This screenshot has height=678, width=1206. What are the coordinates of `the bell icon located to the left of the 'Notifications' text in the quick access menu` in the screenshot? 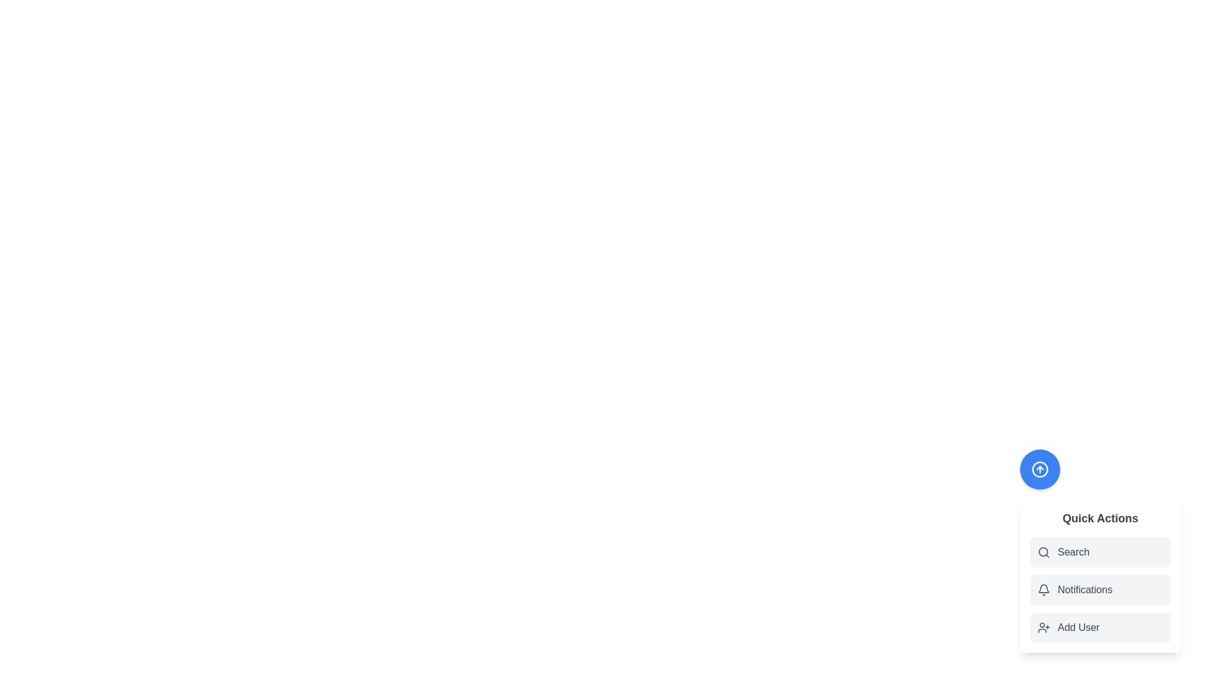 It's located at (1043, 590).